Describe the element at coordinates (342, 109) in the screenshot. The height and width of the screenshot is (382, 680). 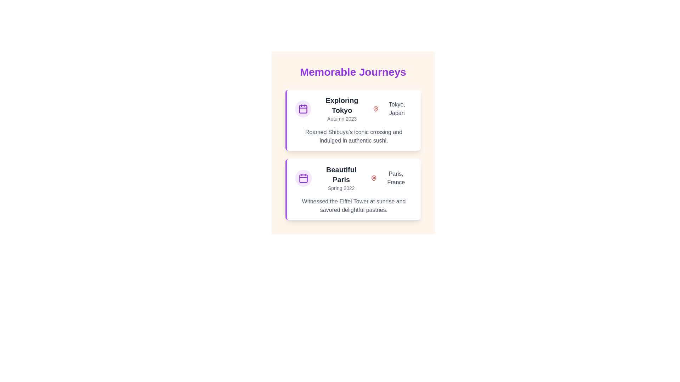
I see `the title and timeframe text block located in the top-left quadrant of a card, which serves as a header for the content of the card` at that location.